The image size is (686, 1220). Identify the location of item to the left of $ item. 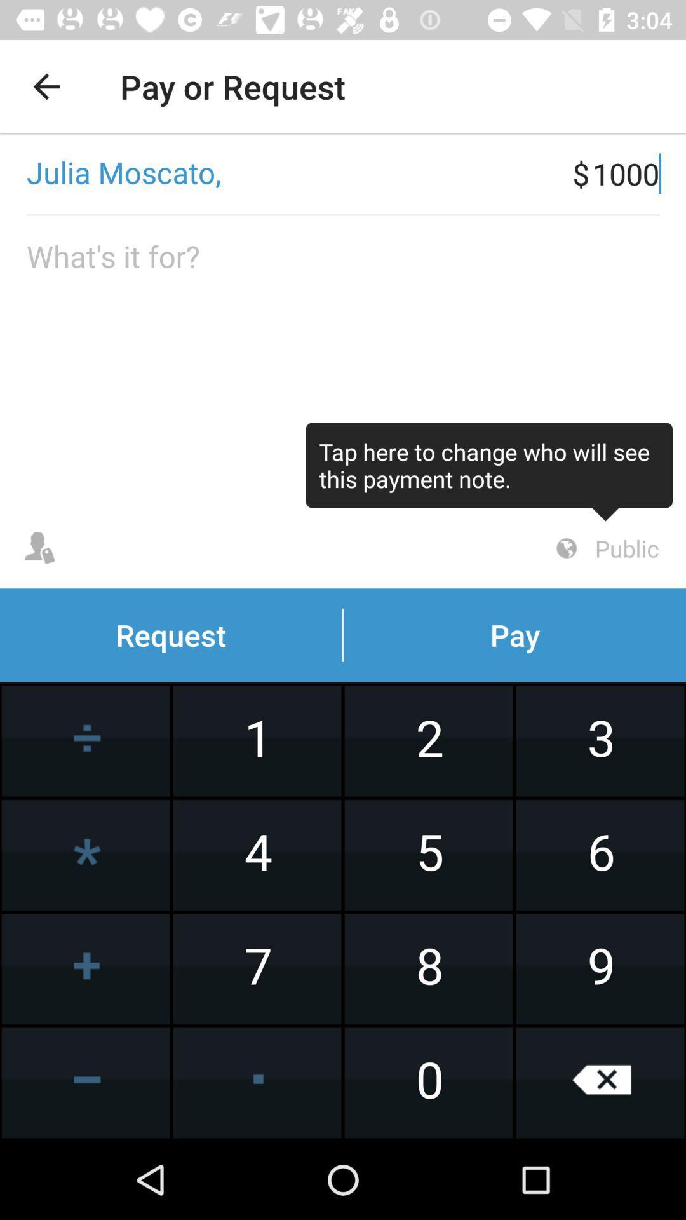
(286, 173).